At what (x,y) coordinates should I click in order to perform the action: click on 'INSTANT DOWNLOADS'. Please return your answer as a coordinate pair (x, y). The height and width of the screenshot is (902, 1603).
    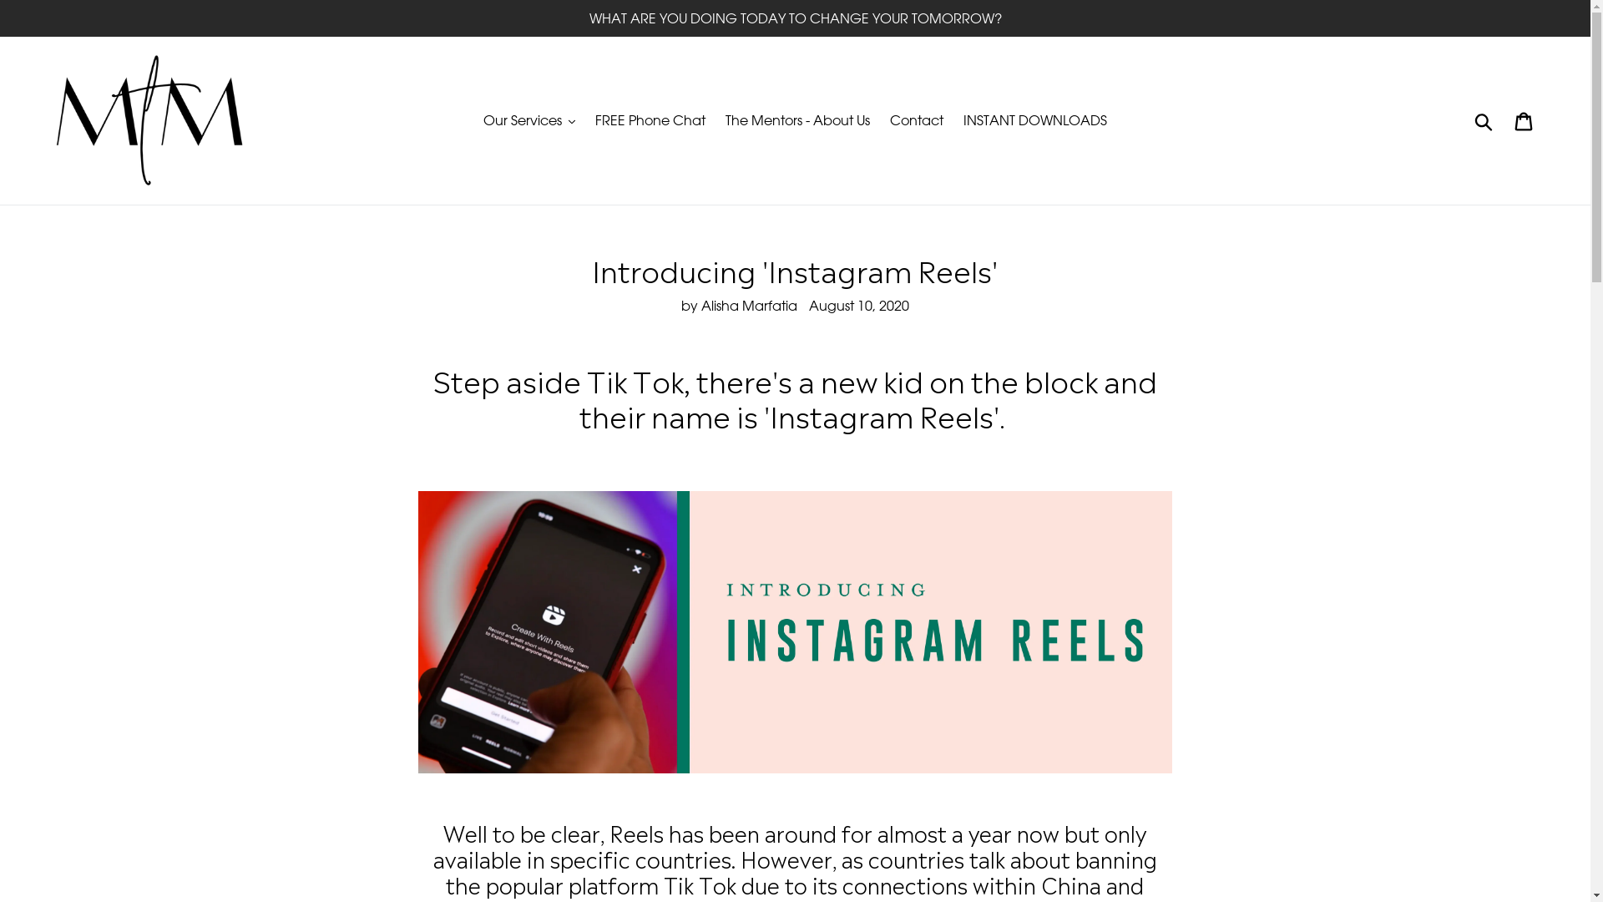
    Looking at the image, I should click on (1034, 119).